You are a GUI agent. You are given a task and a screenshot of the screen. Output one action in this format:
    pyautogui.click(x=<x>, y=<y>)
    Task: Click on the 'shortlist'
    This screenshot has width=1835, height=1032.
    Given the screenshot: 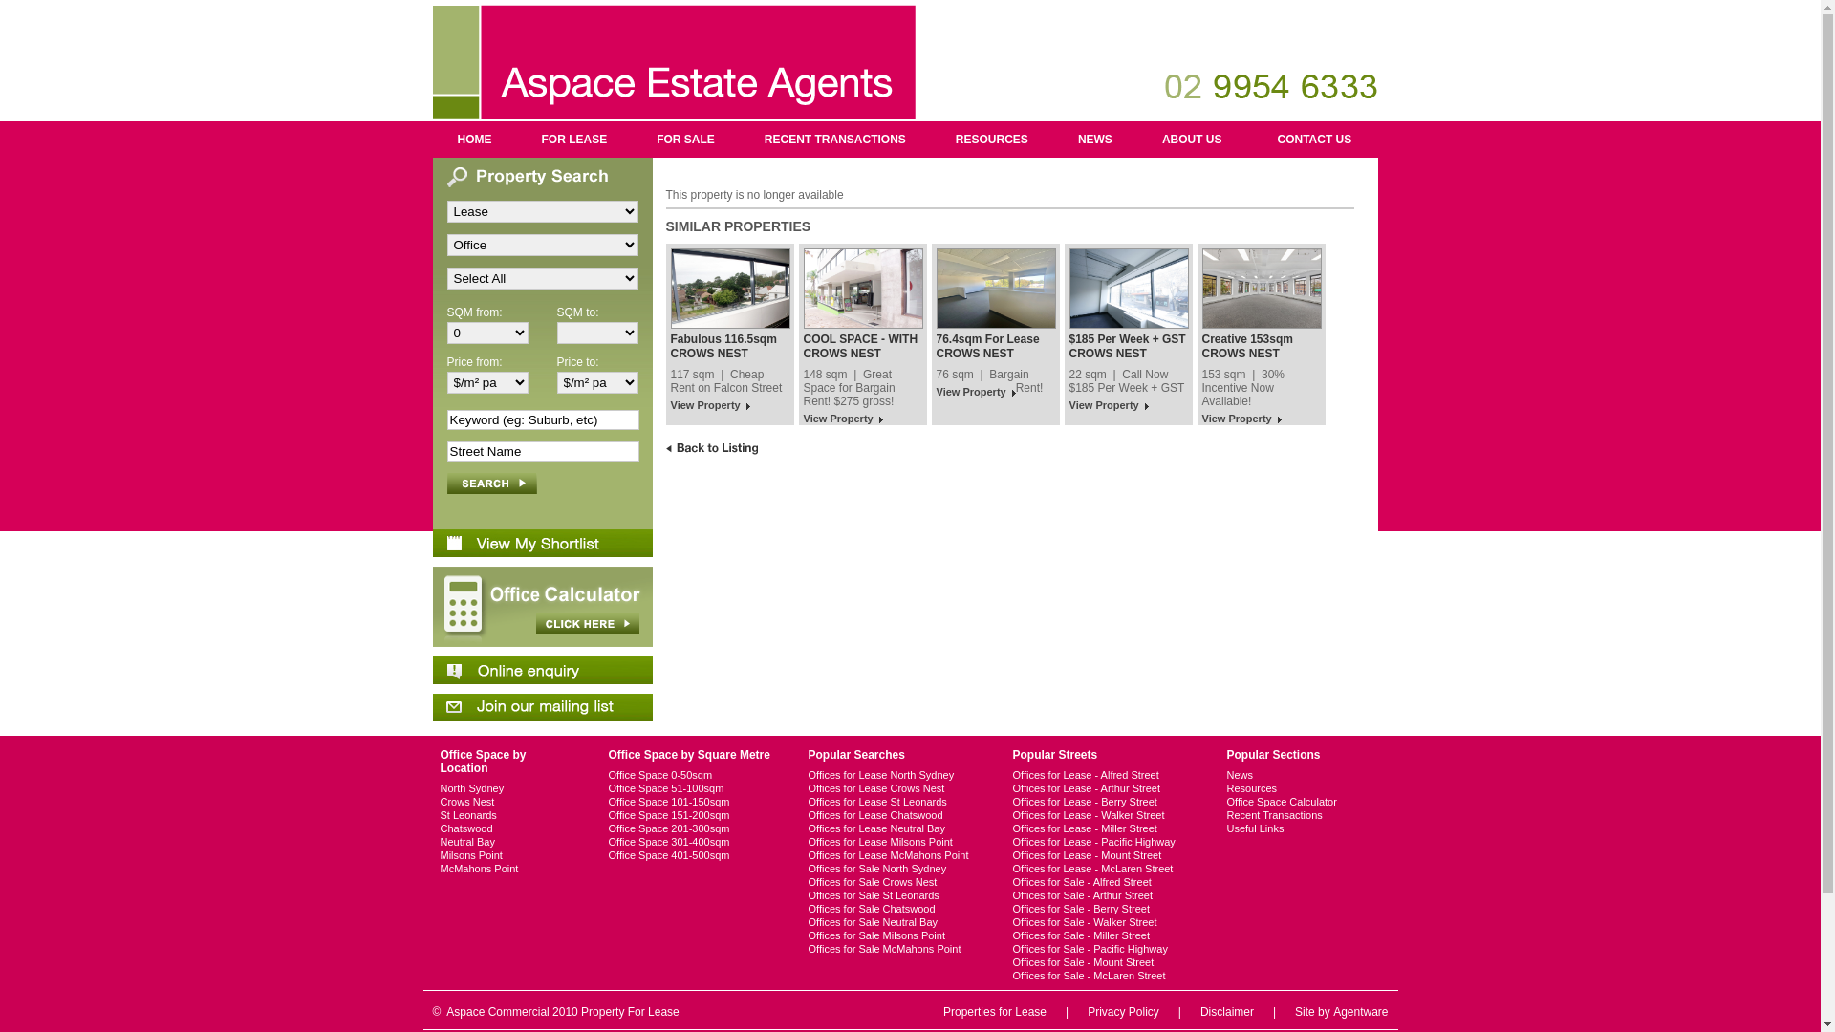 What is the action you would take?
    pyautogui.click(x=540, y=543)
    